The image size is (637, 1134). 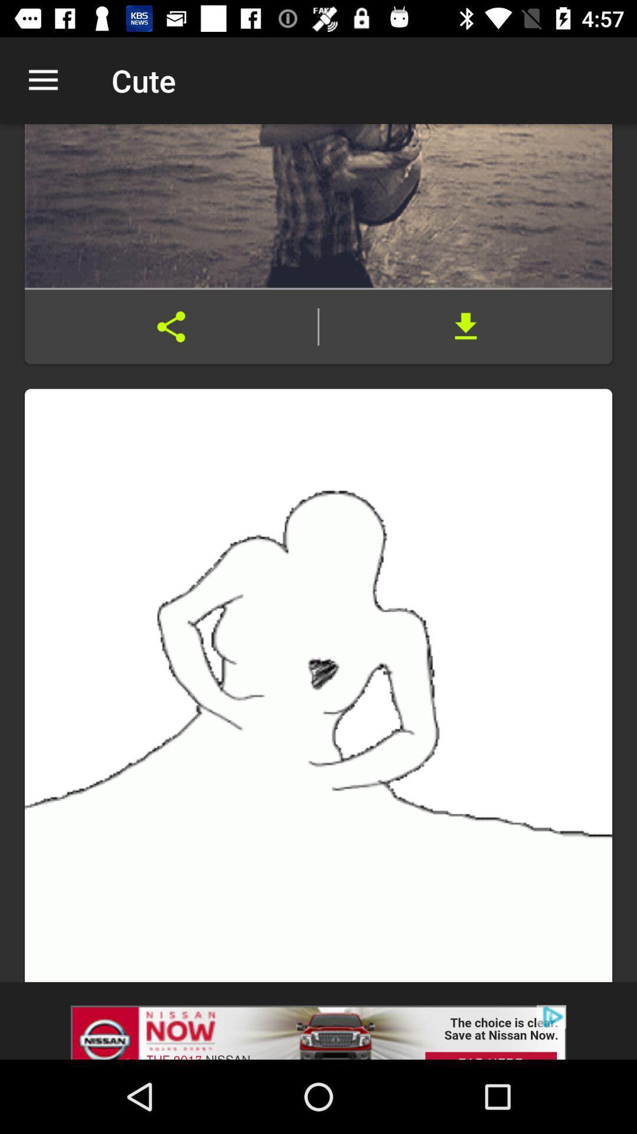 What do you see at coordinates (465, 327) in the screenshot?
I see `download` at bounding box center [465, 327].